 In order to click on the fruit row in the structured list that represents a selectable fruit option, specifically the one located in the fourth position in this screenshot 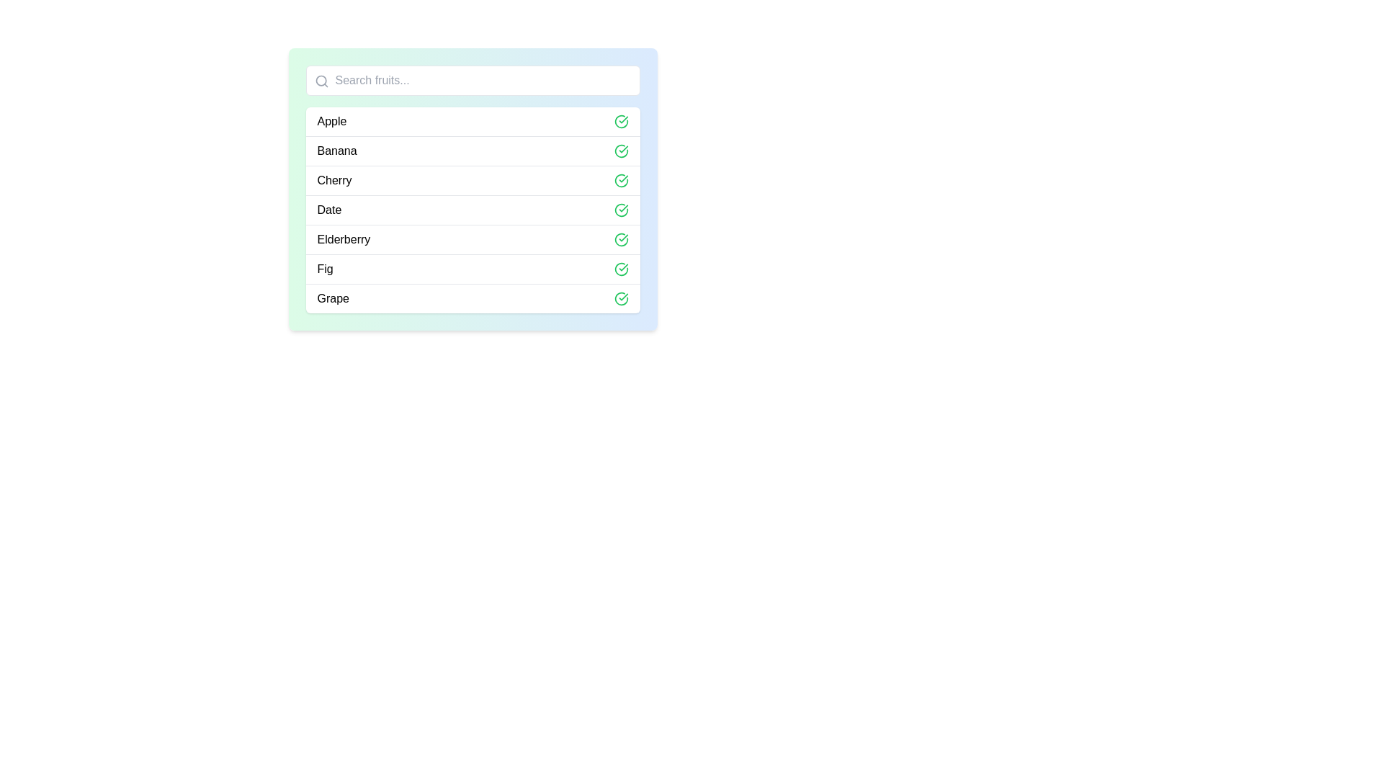, I will do `click(473, 210)`.